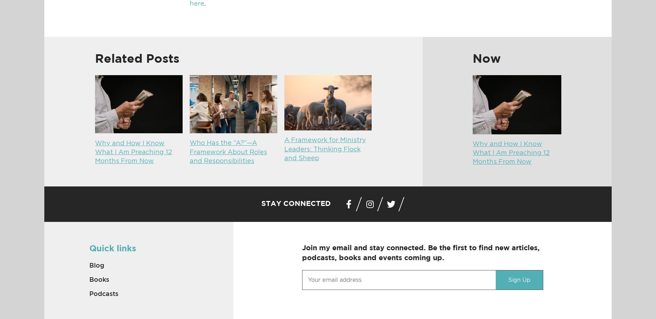 This screenshot has width=656, height=319. What do you see at coordinates (420, 252) in the screenshot?
I see `'Join my email and stay connected. Be the first to find
new articles, podcasts, books and events coming up.'` at bounding box center [420, 252].